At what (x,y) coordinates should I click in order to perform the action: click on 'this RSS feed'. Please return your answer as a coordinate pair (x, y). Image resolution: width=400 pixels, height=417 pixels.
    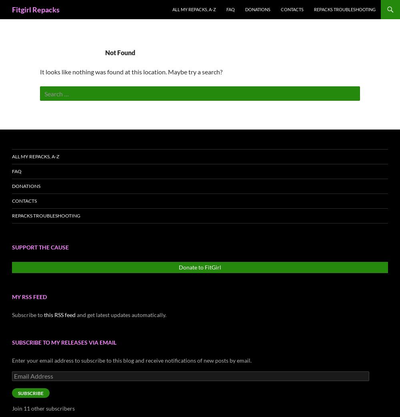
    Looking at the image, I should click on (44, 314).